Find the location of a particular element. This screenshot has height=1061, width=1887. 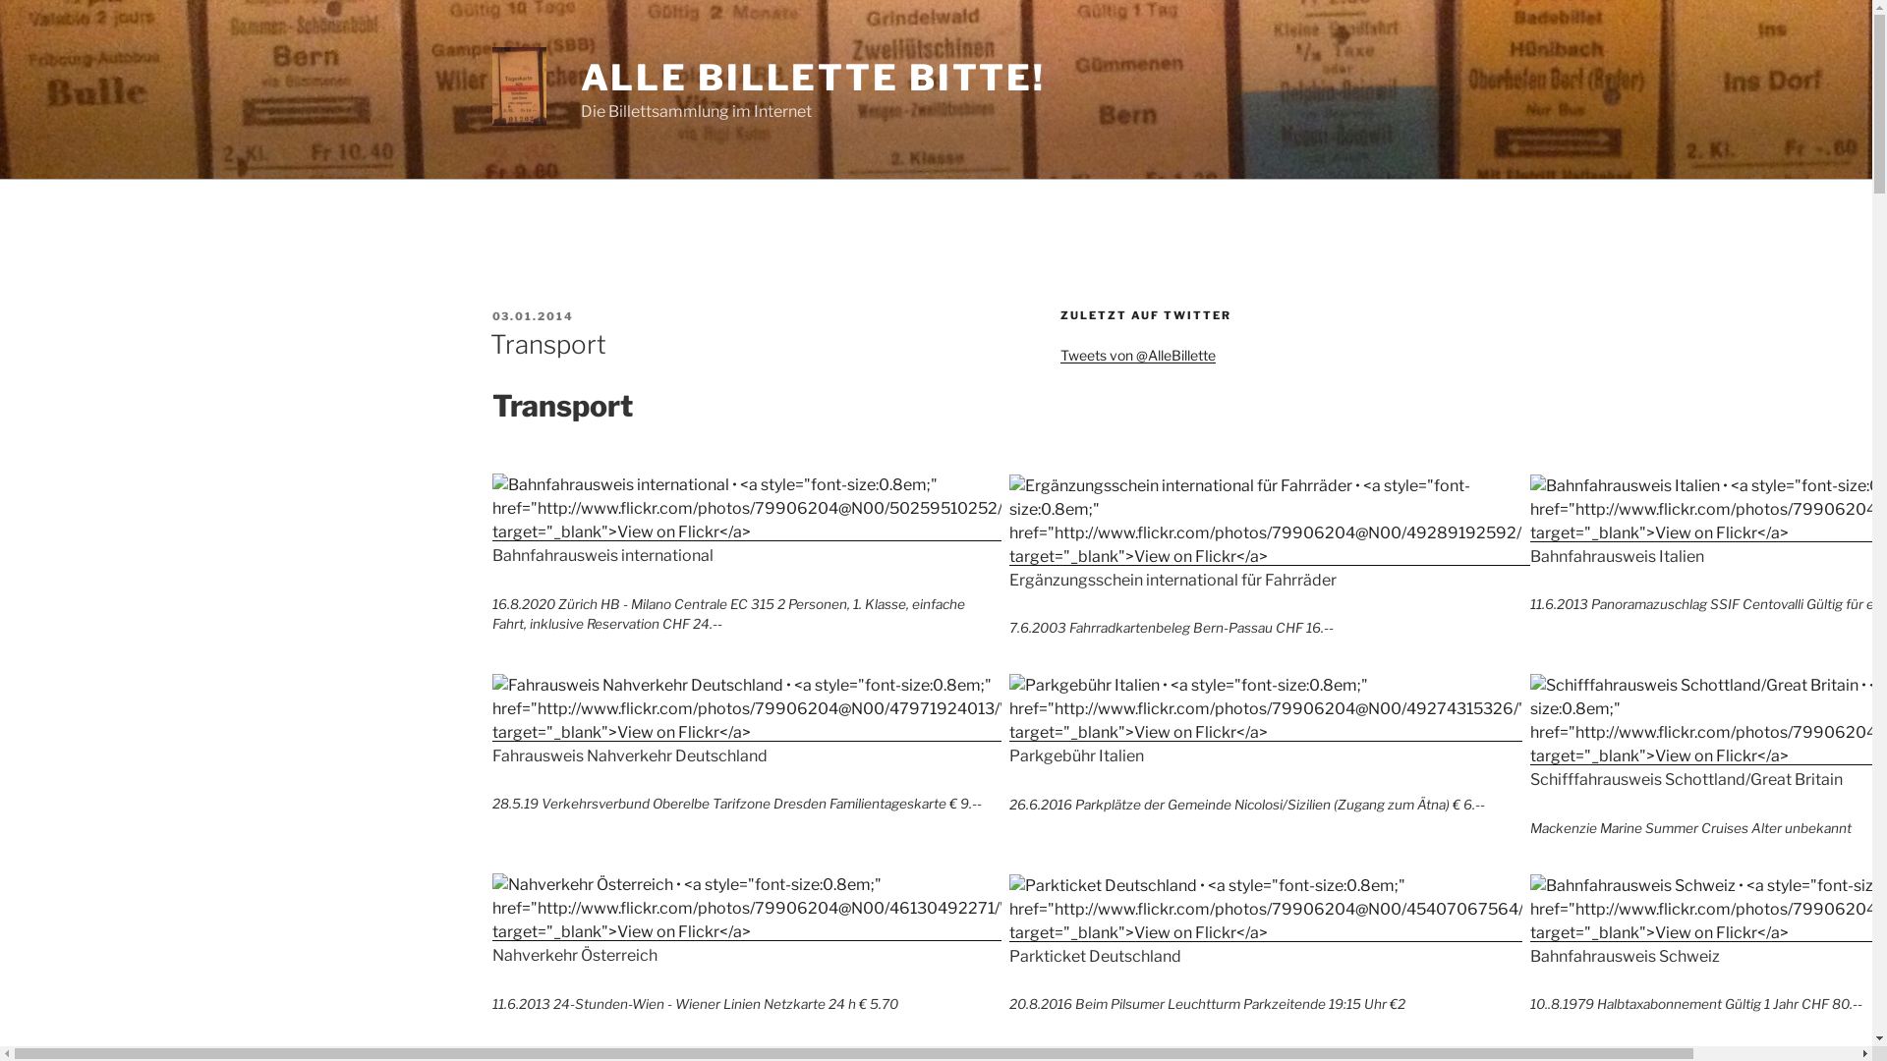

'03.01.2014' is located at coordinates (533, 313).